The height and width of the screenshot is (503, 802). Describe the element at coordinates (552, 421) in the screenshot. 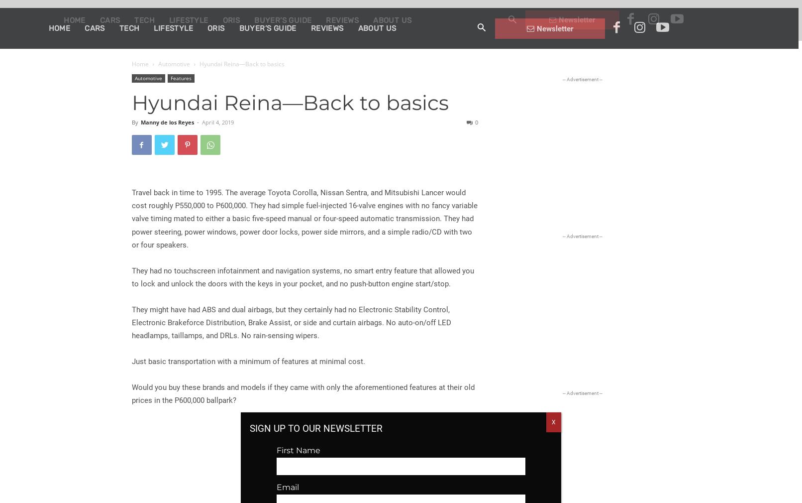

I see `'X'` at that location.